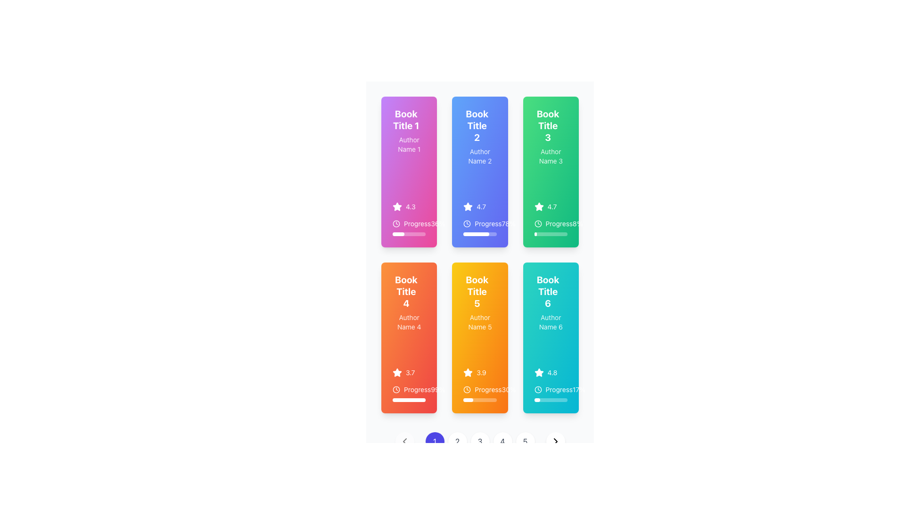 This screenshot has width=905, height=509. I want to click on the circular clock icon located in the 'Progress' section of the green card labeled 'Book Title 3', so click(538, 223).